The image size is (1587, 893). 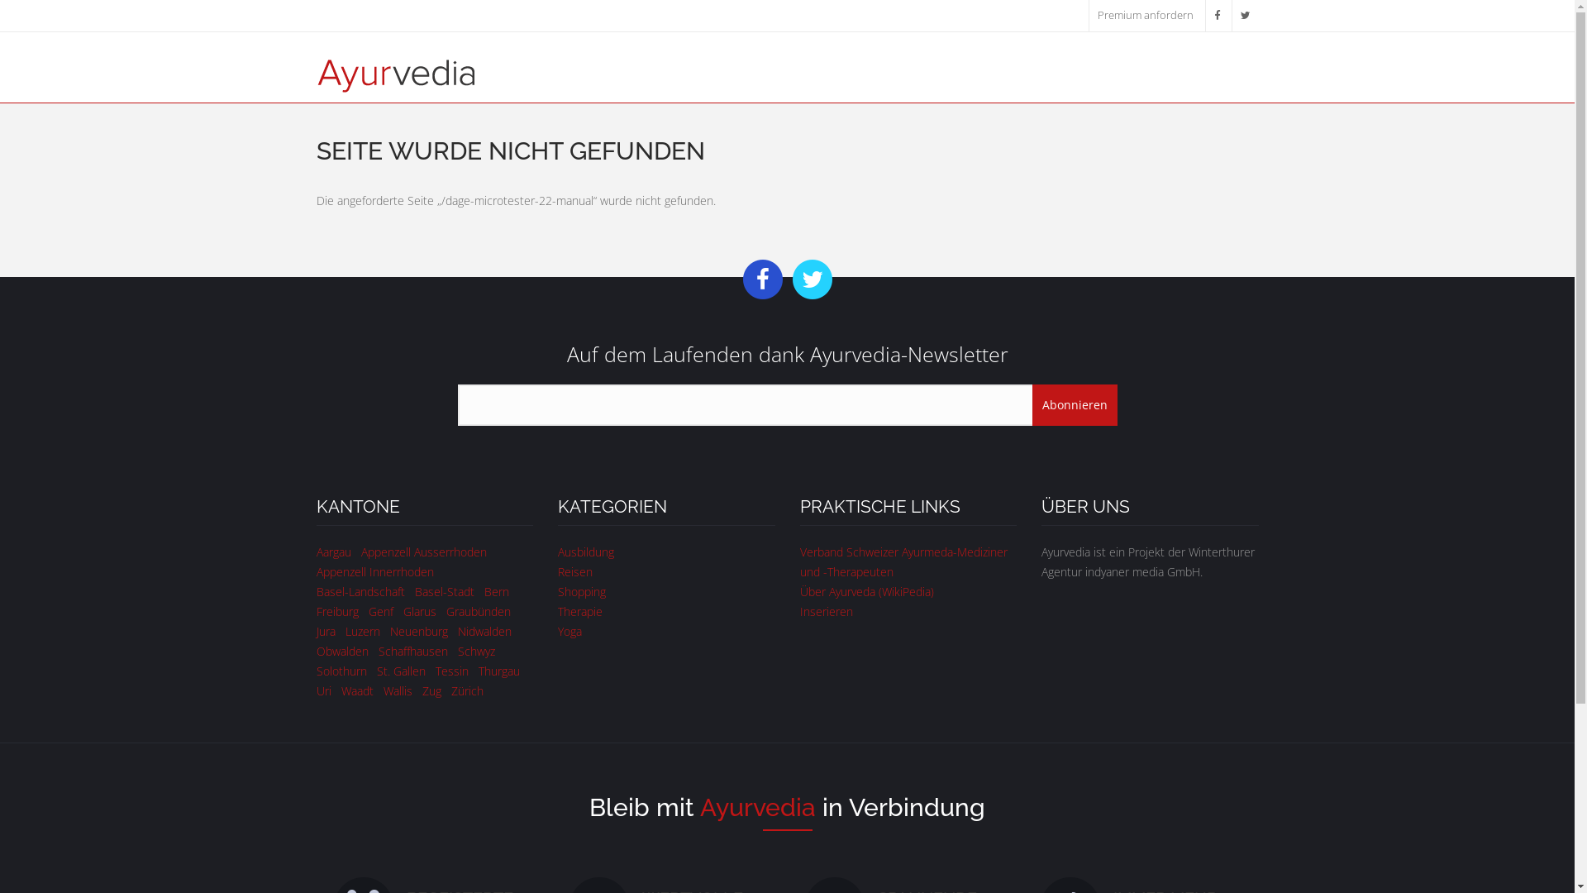 I want to click on 'Facebook', so click(x=1216, y=15).